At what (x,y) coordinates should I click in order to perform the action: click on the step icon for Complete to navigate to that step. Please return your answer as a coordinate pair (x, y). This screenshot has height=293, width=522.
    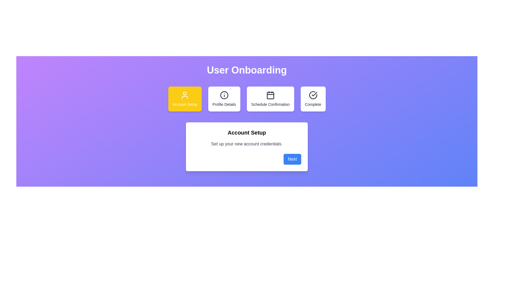
    Looking at the image, I should click on (313, 99).